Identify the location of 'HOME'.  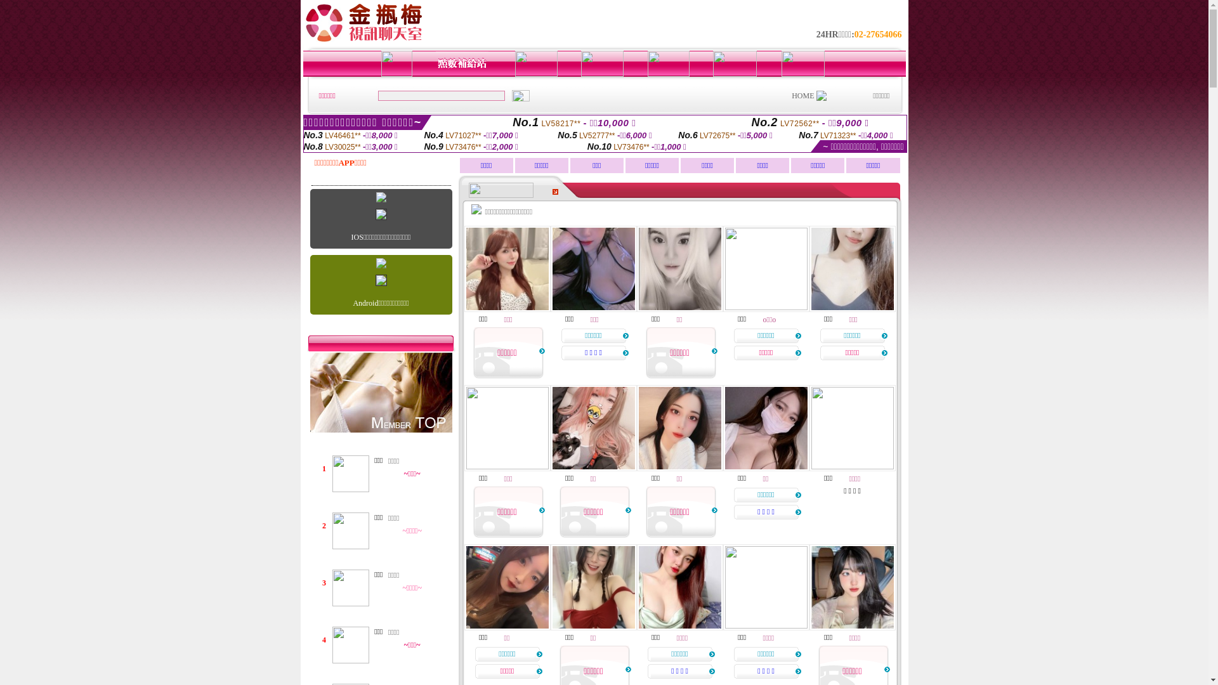
(791, 95).